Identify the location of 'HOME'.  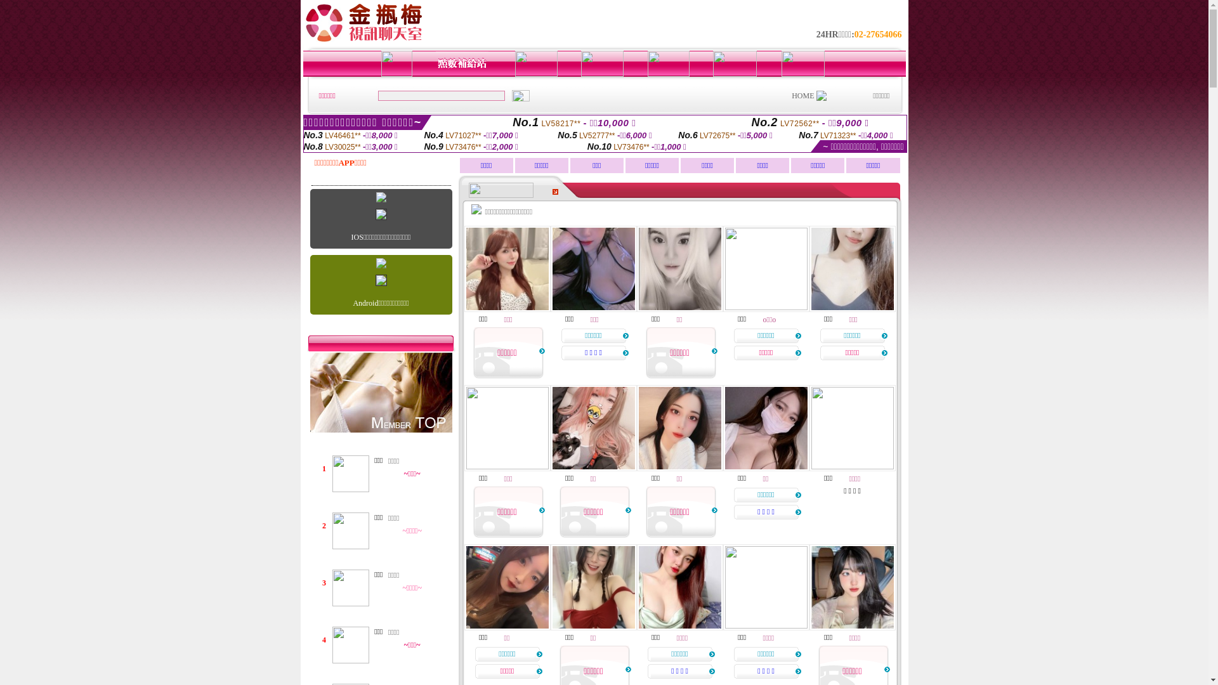
(791, 95).